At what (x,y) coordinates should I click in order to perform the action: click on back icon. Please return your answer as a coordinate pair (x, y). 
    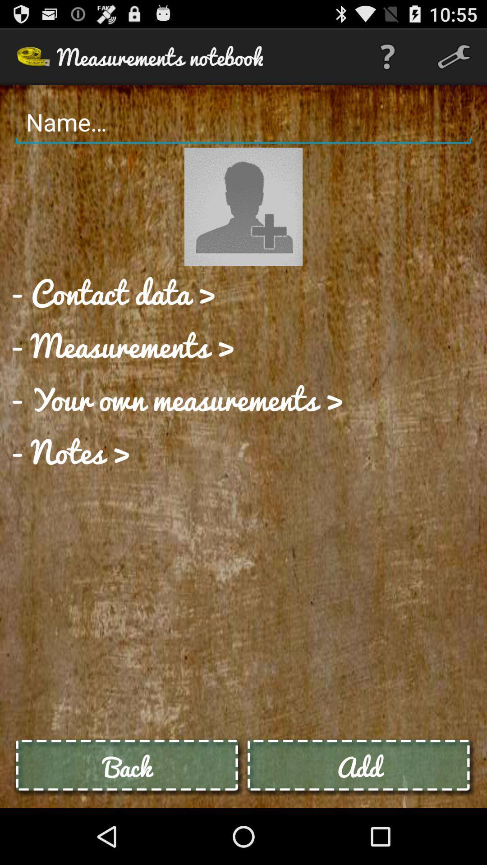
    Looking at the image, I should click on (128, 766).